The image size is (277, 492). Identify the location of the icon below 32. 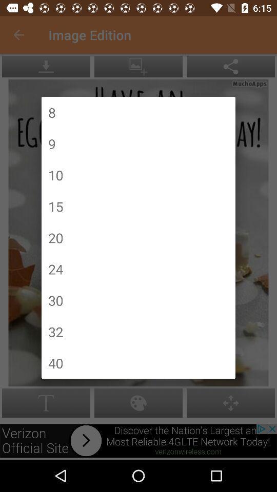
(55, 363).